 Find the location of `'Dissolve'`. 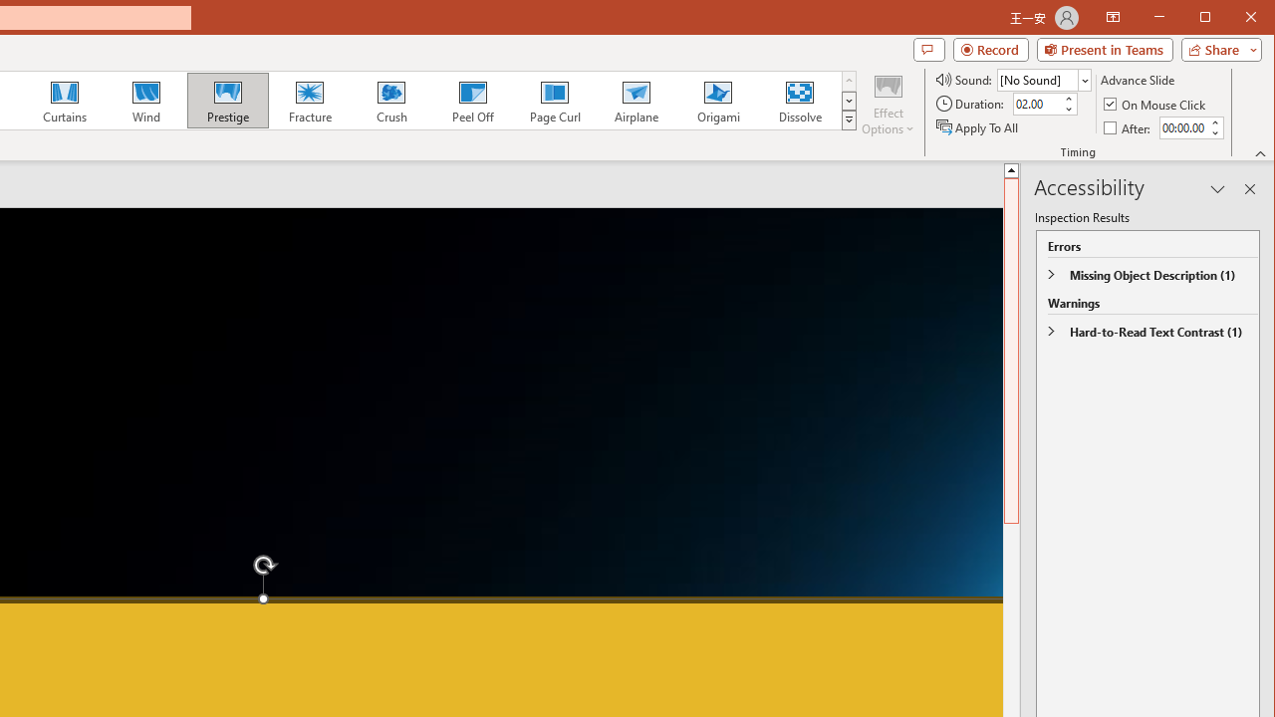

'Dissolve' is located at coordinates (799, 100).